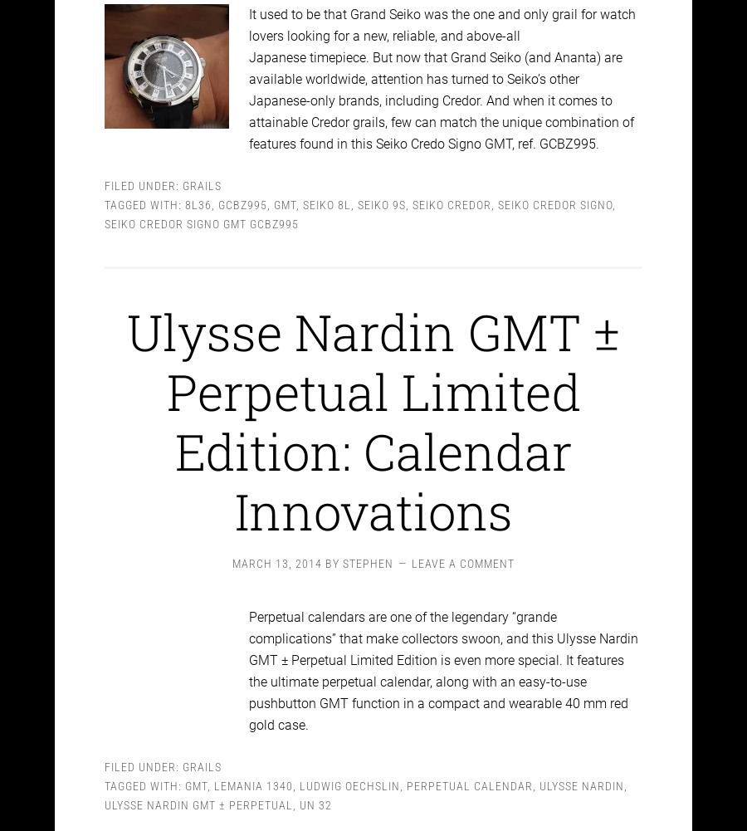 This screenshot has width=747, height=831. What do you see at coordinates (380, 189) in the screenshot?
I see `'Seiko 9S'` at bounding box center [380, 189].